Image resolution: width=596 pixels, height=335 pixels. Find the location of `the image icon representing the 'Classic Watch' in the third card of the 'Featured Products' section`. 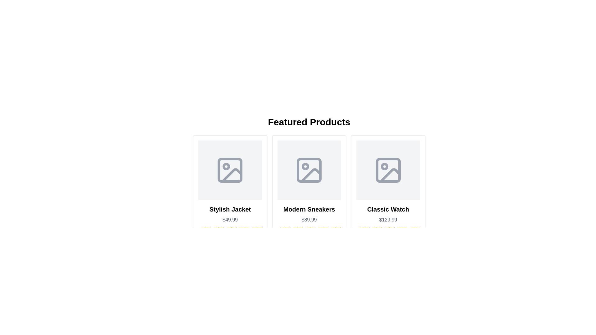

the image icon representing the 'Classic Watch' in the third card of the 'Featured Products' section is located at coordinates (388, 170).